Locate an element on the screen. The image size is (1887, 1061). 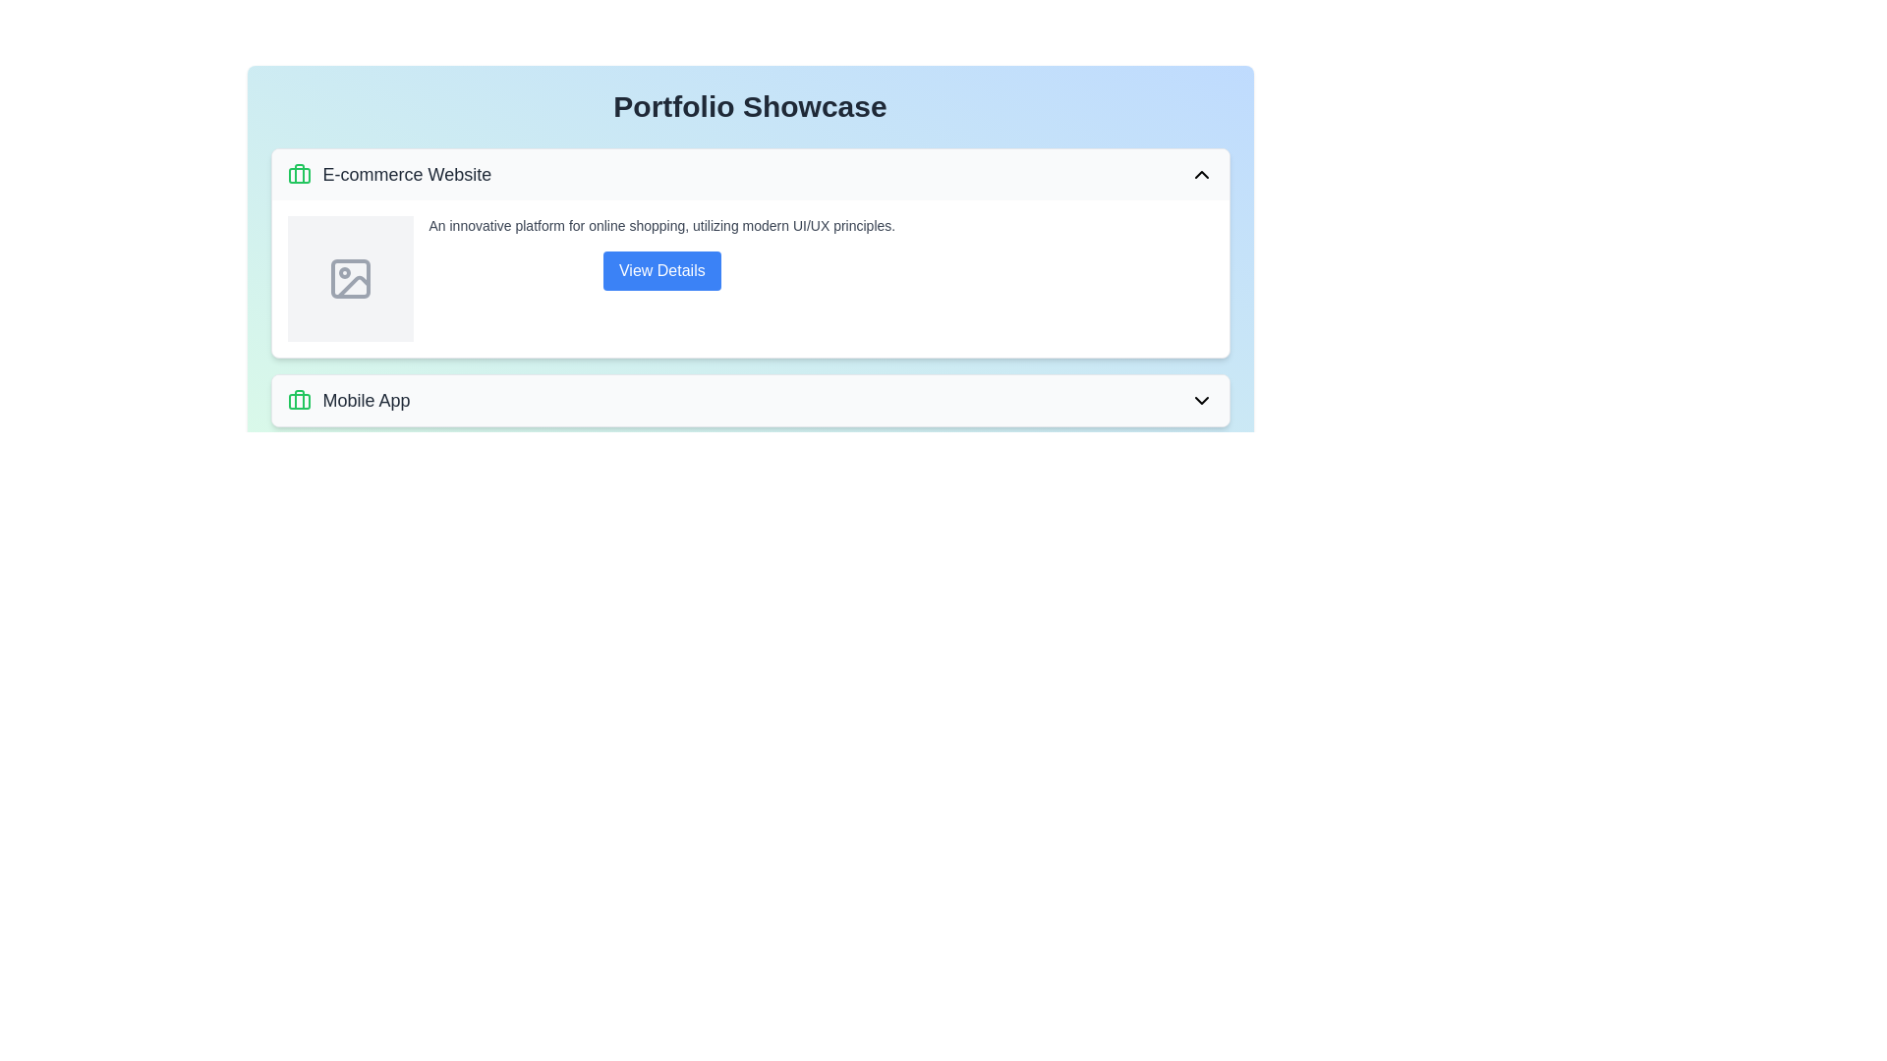
text label titled 'Mobile App' located in the lower half of the interface, centered immediately to the right of a briefcase icon is located at coordinates (367, 400).